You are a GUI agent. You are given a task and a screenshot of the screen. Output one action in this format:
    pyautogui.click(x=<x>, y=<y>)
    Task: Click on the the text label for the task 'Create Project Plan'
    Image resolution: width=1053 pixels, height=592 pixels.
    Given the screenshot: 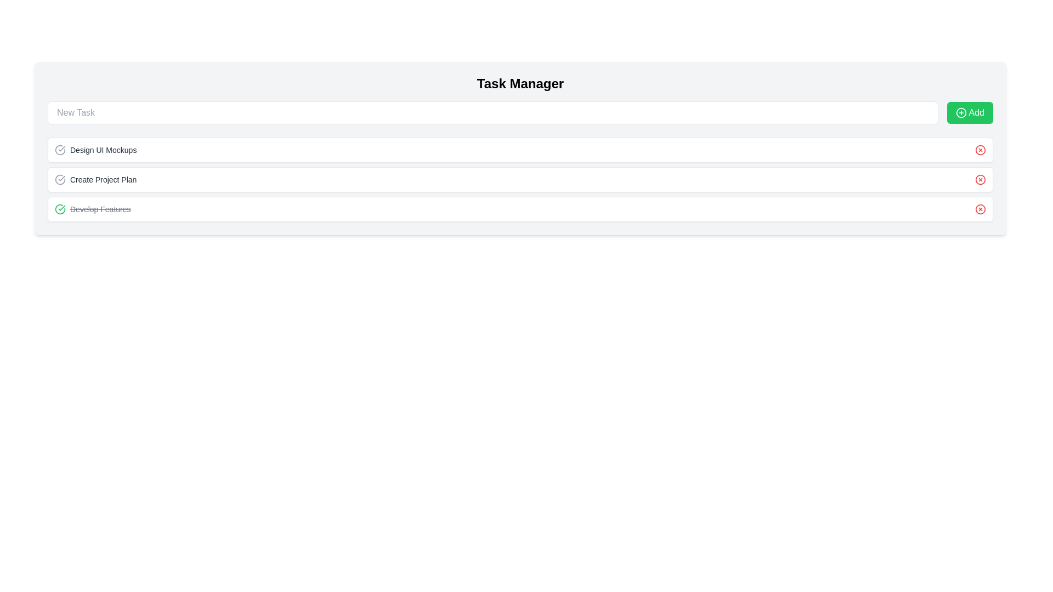 What is the action you would take?
    pyautogui.click(x=103, y=179)
    